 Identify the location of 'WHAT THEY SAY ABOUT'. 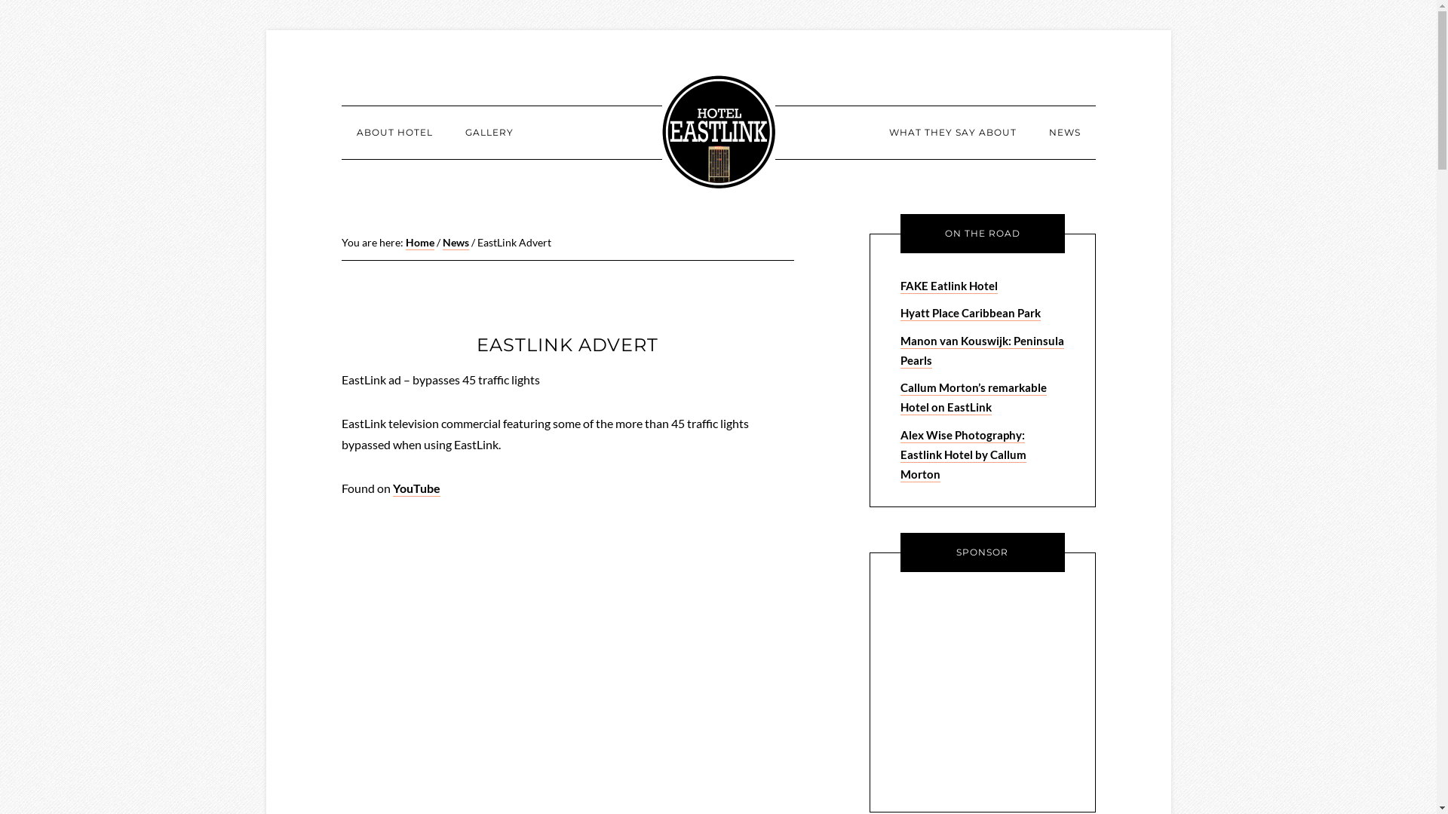
(951, 132).